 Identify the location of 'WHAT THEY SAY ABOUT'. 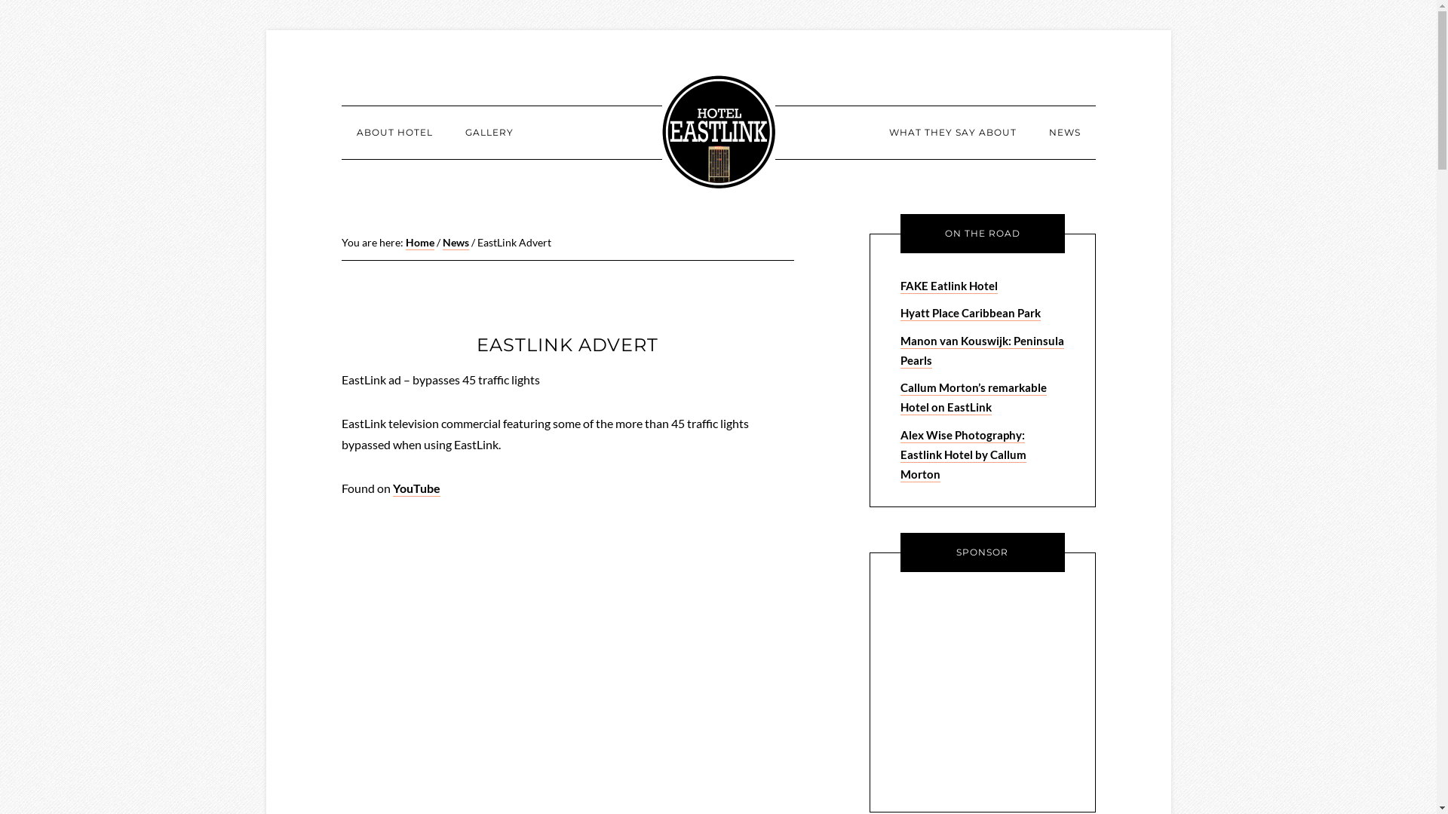
(951, 132).